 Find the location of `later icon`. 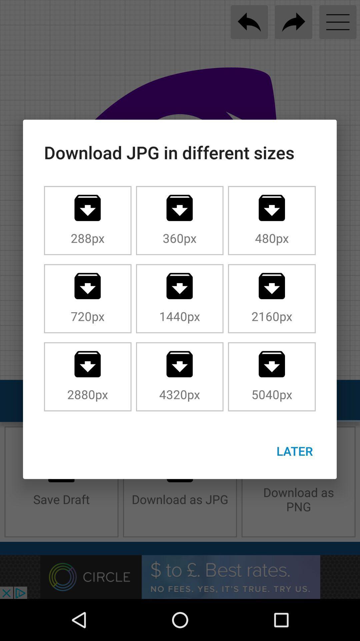

later icon is located at coordinates (294, 451).